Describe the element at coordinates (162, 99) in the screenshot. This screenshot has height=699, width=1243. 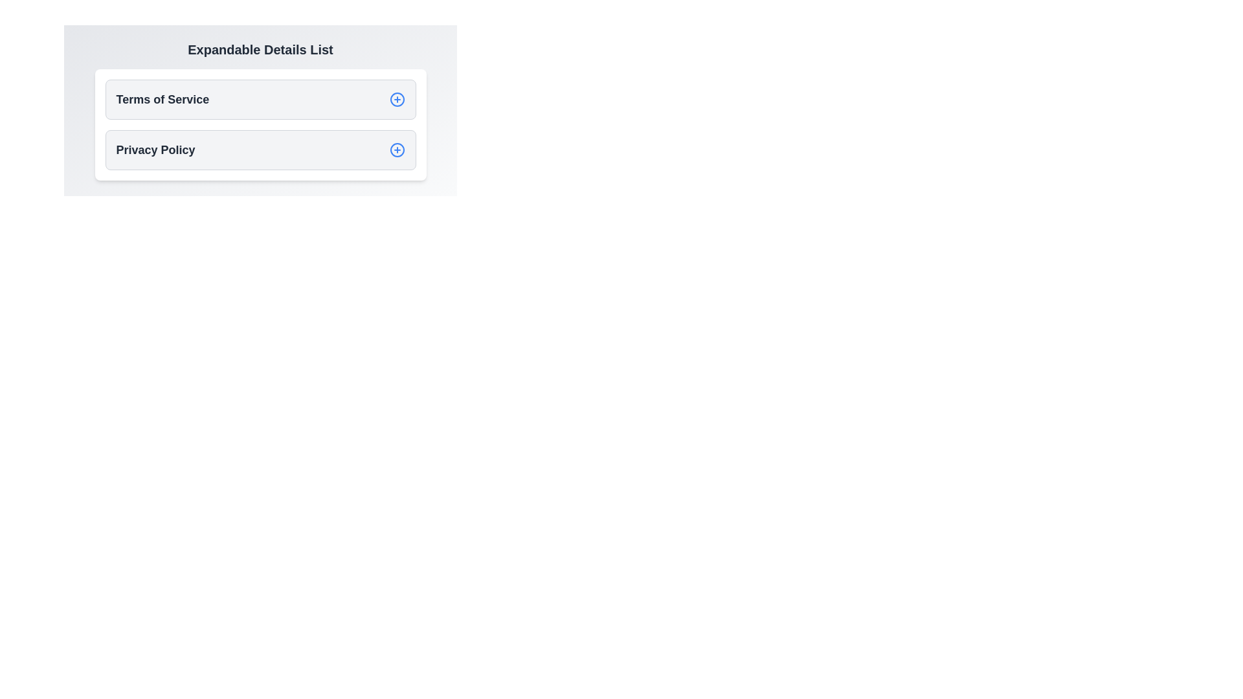
I see `label of the 'Terms of Service' text which is displayed in bold, large font near the top of an expandable list interface` at that location.